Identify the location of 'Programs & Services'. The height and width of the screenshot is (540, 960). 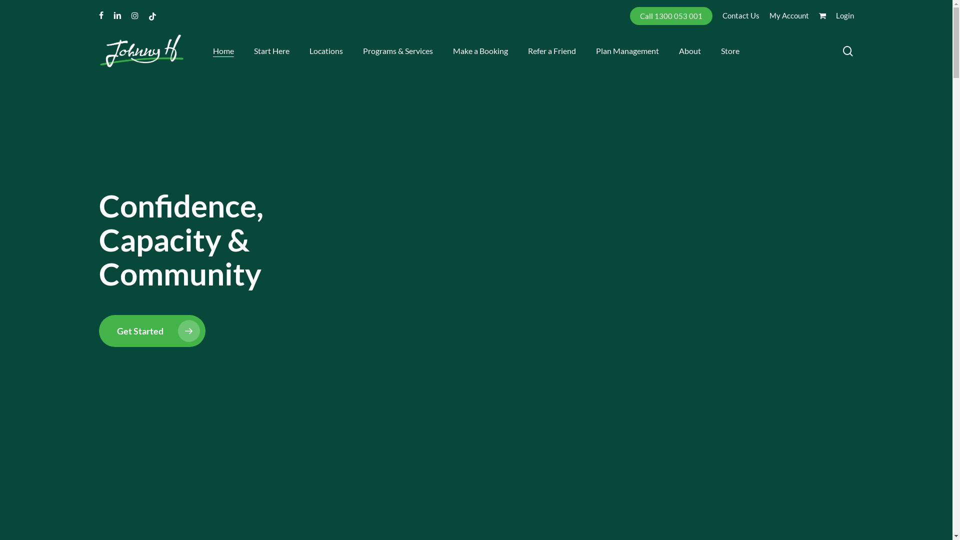
(397, 50).